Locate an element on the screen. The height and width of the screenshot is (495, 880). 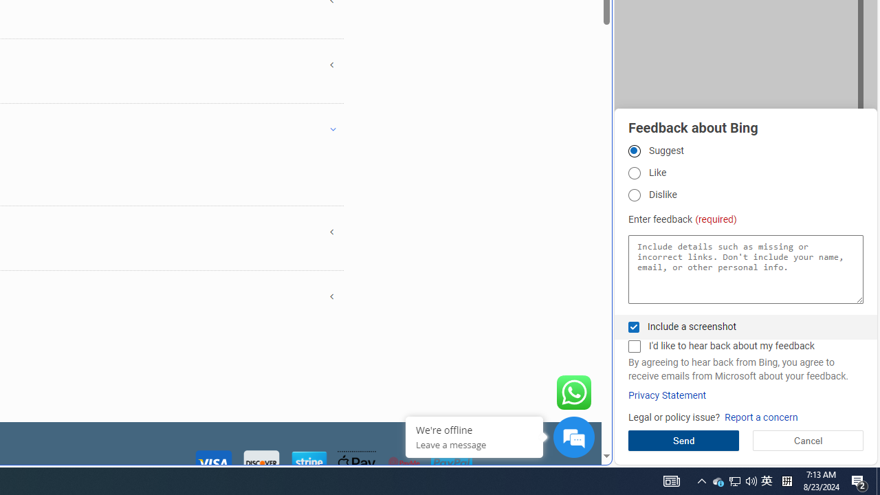
'Include a screenshot' is located at coordinates (633, 327).